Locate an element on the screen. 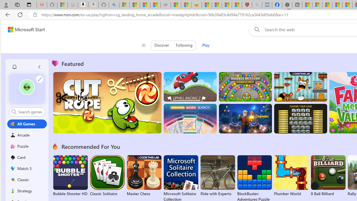 This screenshot has height=201, width=357. 'Class: search-icon' is located at coordinates (14, 112).